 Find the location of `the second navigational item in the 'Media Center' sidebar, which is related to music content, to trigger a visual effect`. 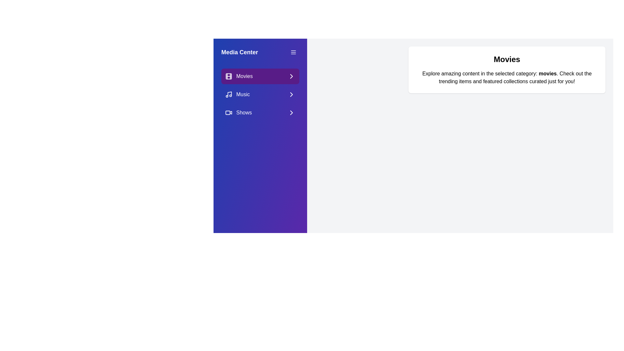

the second navigational item in the 'Media Center' sidebar, which is related to music content, to trigger a visual effect is located at coordinates (260, 94).